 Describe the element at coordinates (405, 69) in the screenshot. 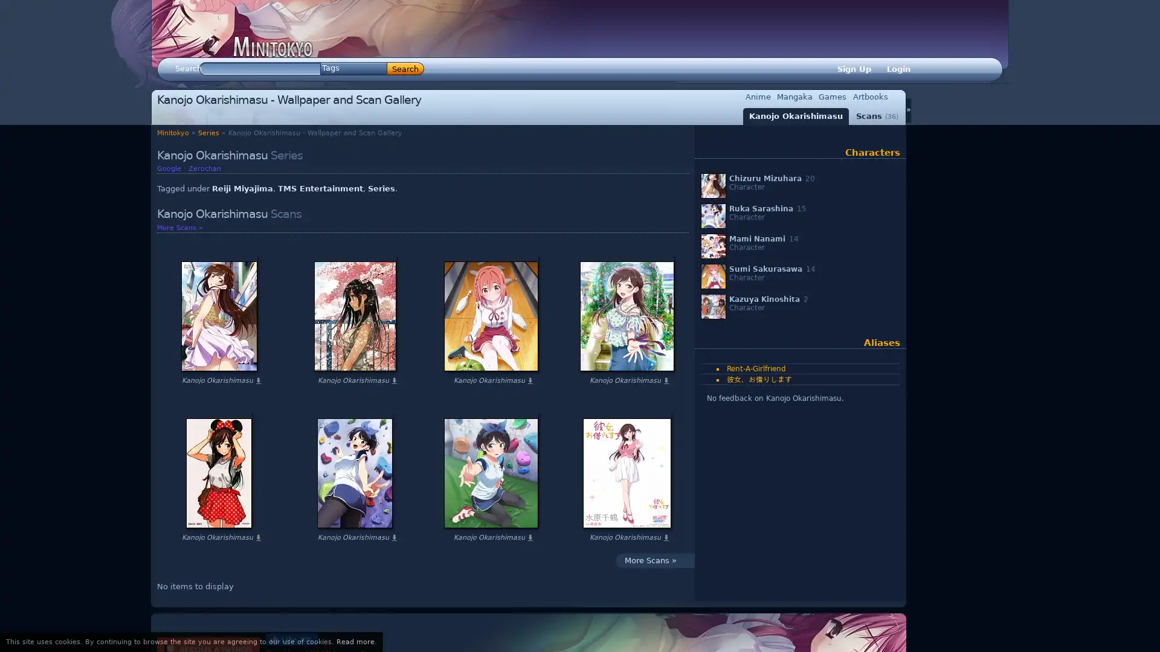

I see `Search` at that location.